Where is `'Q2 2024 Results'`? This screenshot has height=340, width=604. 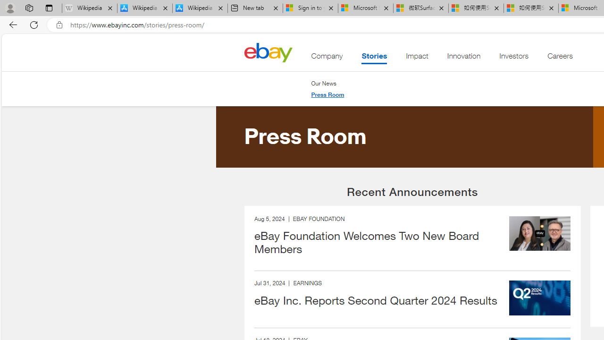
'Q2 2024 Results' is located at coordinates (540, 298).